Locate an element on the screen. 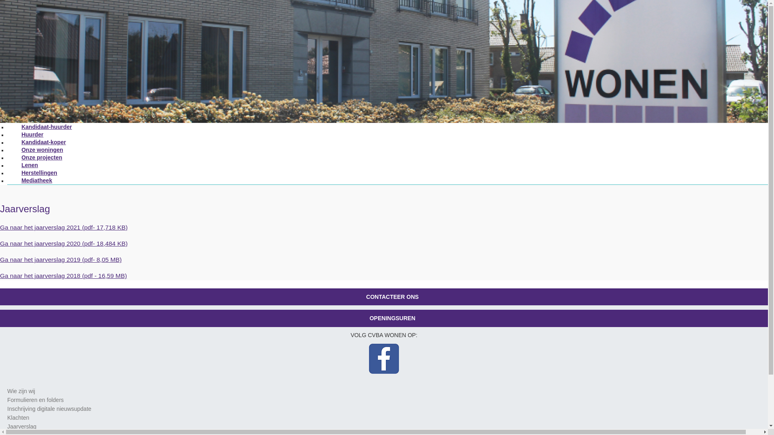 This screenshot has width=774, height=435. 'Ga naar het jaarverslag 2021 (pdf- 17,718 KB)' is located at coordinates (0, 227).